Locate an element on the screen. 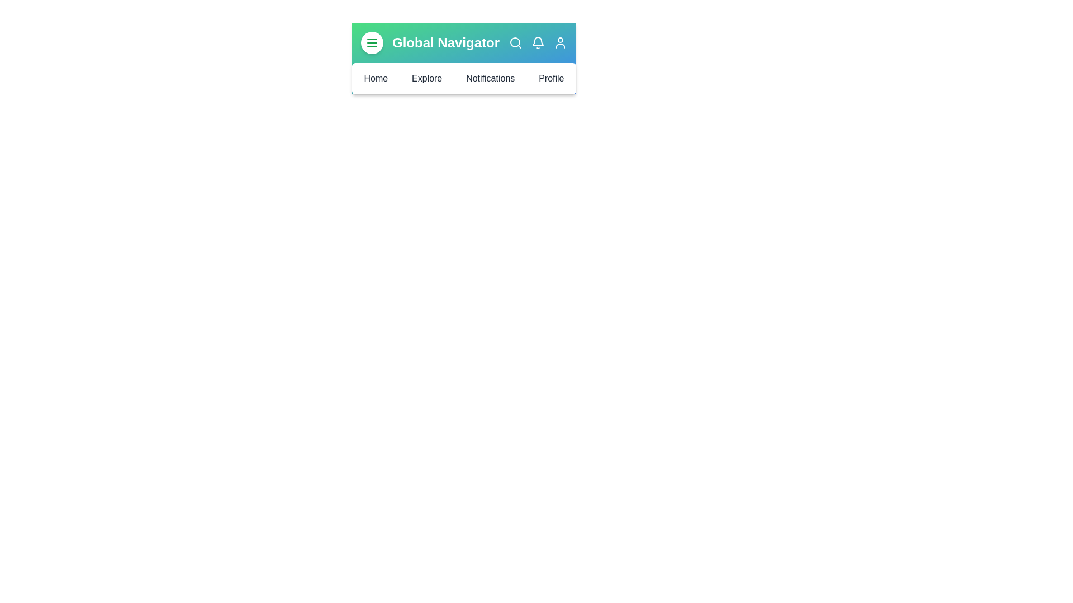 This screenshot has width=1073, height=603. the navigation menu item Home to navigate to the corresponding section is located at coordinates (376, 78).